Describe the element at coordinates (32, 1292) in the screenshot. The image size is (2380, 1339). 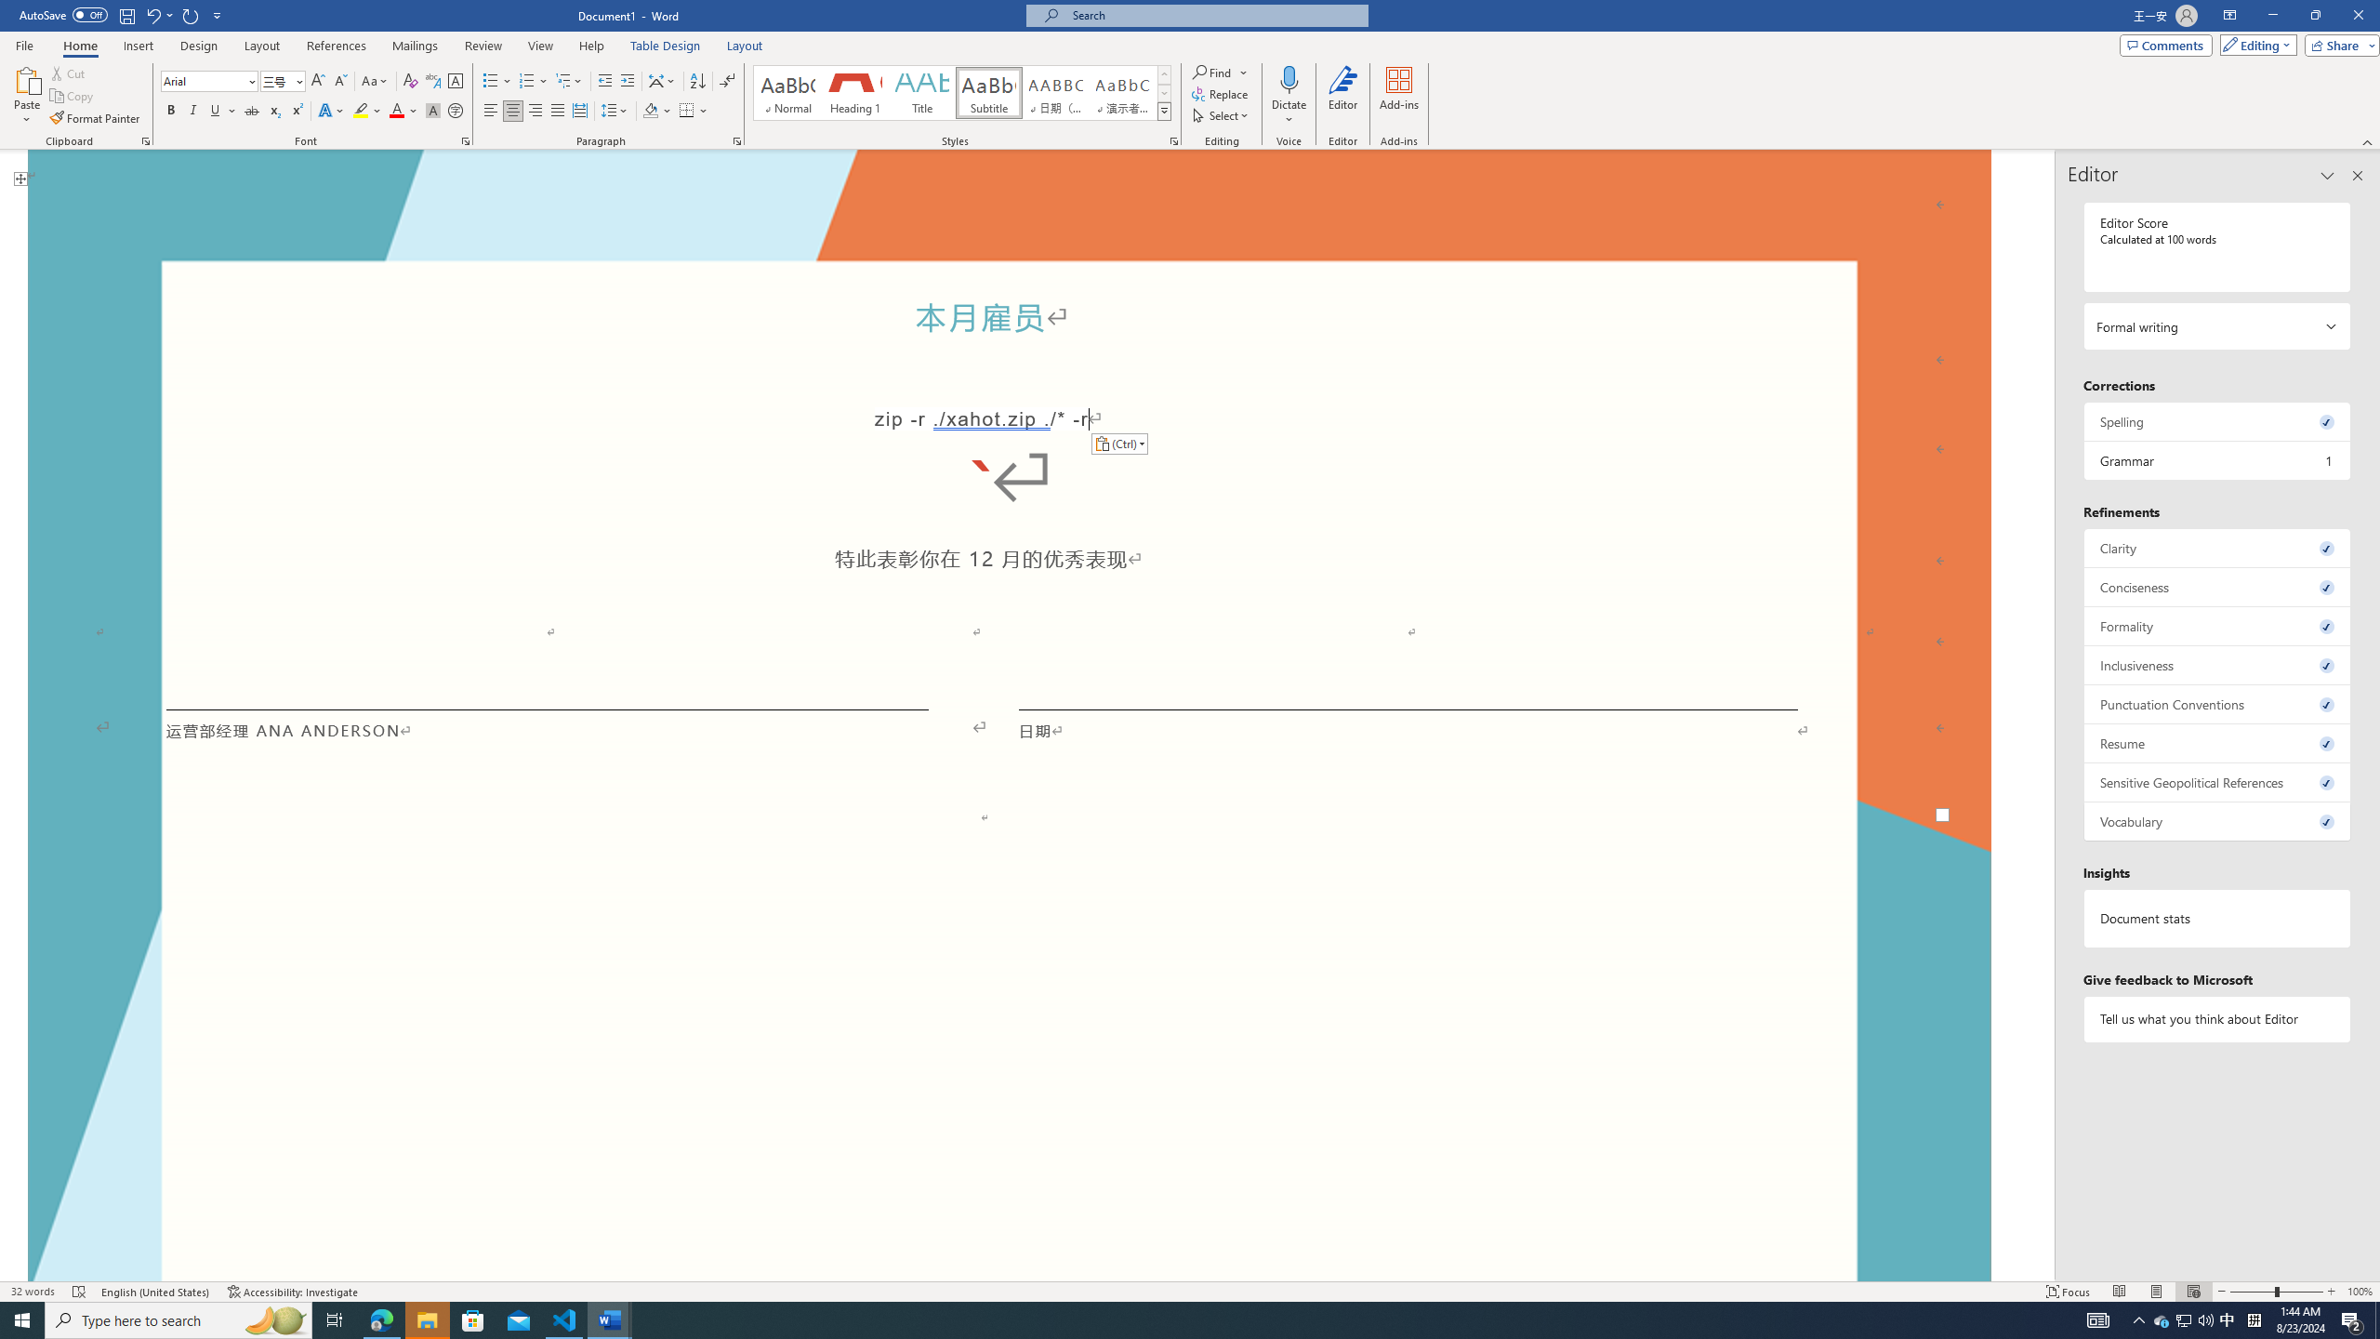
I see `'Word Count 32 words'` at that location.